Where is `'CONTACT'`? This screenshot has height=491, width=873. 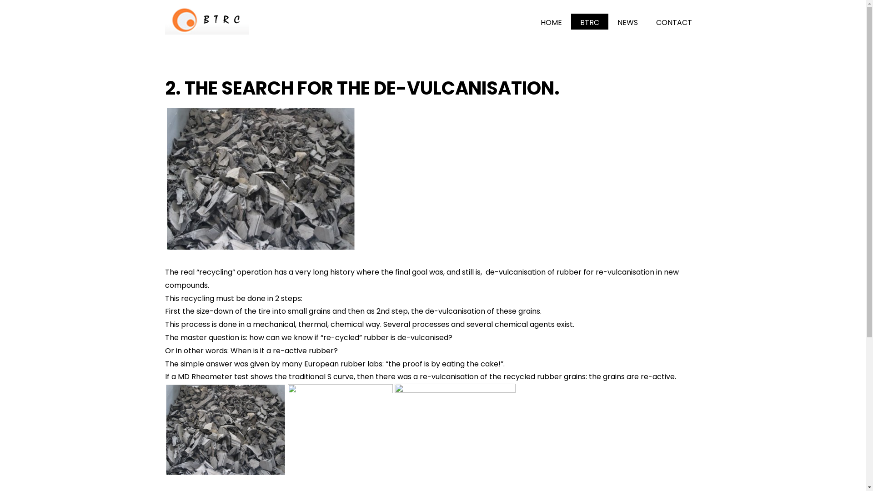 'CONTACT' is located at coordinates (646, 21).